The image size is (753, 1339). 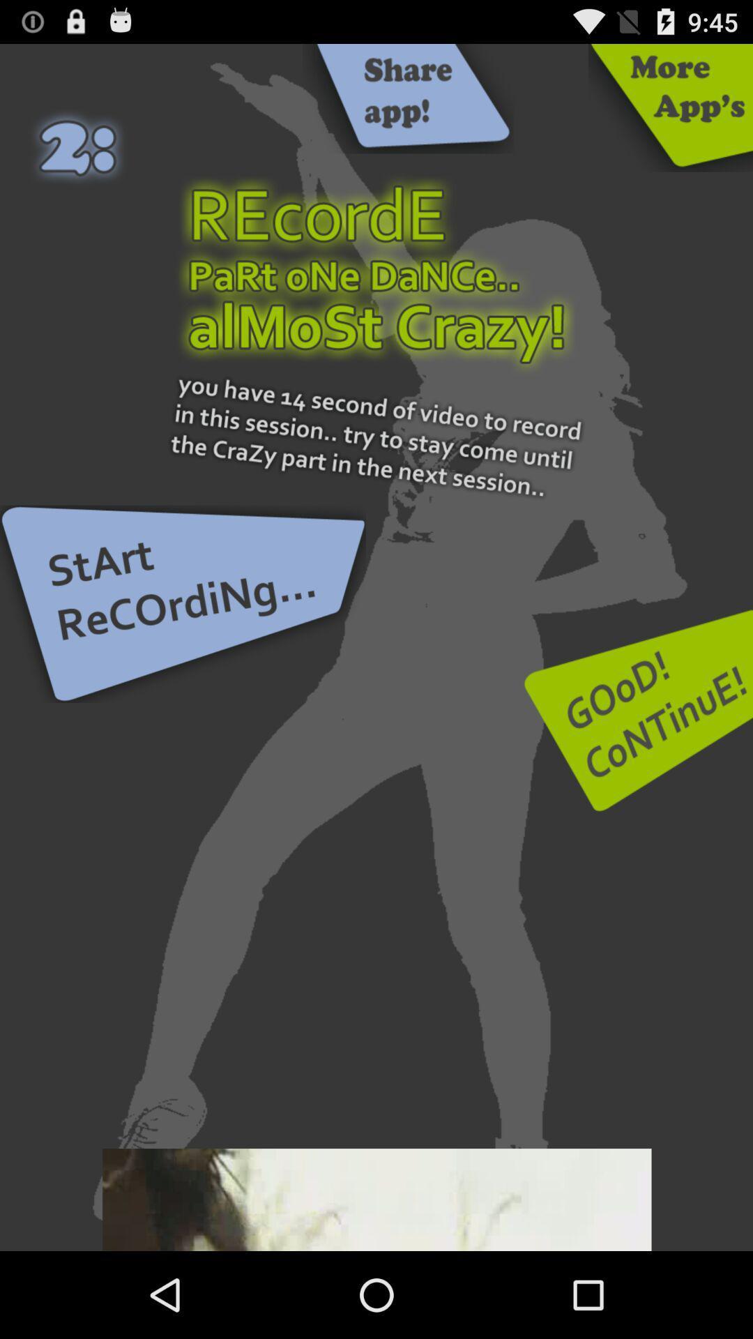 I want to click on this button share app, so click(x=408, y=98).